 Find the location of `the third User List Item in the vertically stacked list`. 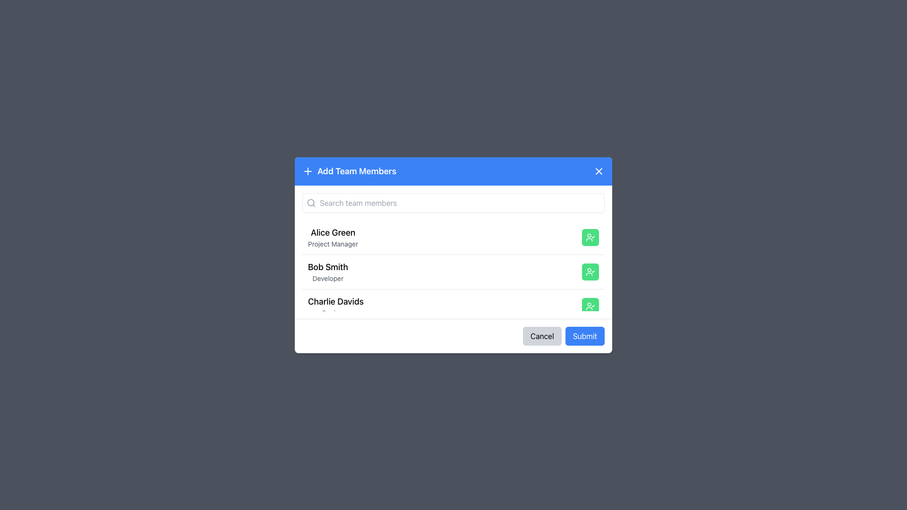

the third User List Item in the vertically stacked list is located at coordinates (453, 306).